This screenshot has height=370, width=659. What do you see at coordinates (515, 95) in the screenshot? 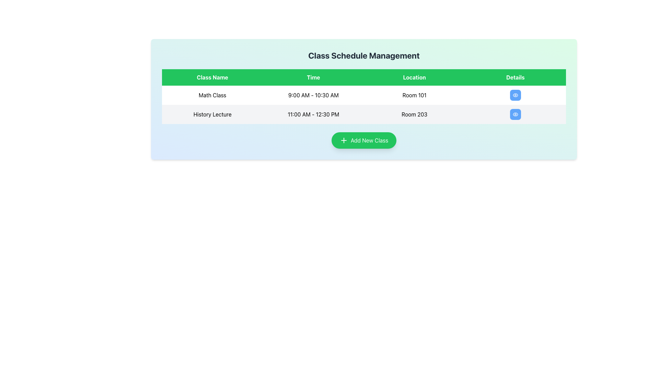
I see `the larger outer contour of the eye icon in the Details column of the Class Schedule Management table, specifically in the second row for the History Lecture entry` at bounding box center [515, 95].